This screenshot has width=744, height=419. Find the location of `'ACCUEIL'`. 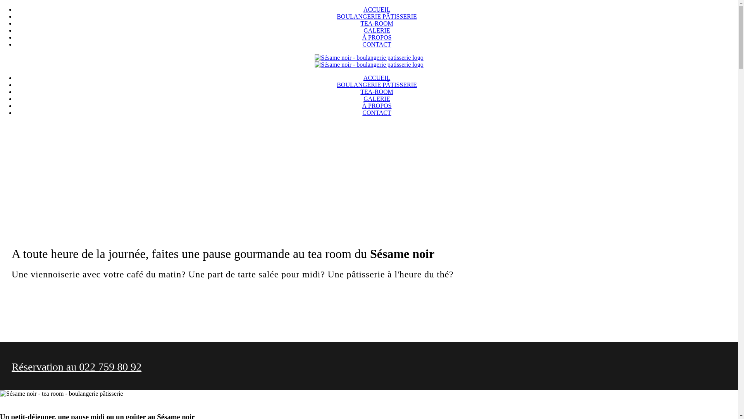

'ACCUEIL' is located at coordinates (377, 9).